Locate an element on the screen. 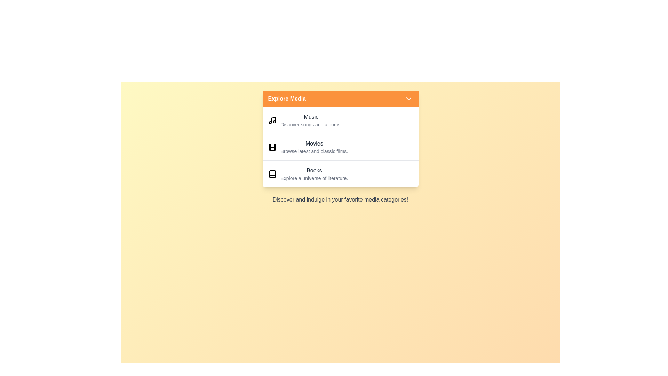 The height and width of the screenshot is (376, 668). the background gradient to trigger an interaction is located at coordinates (340, 269).